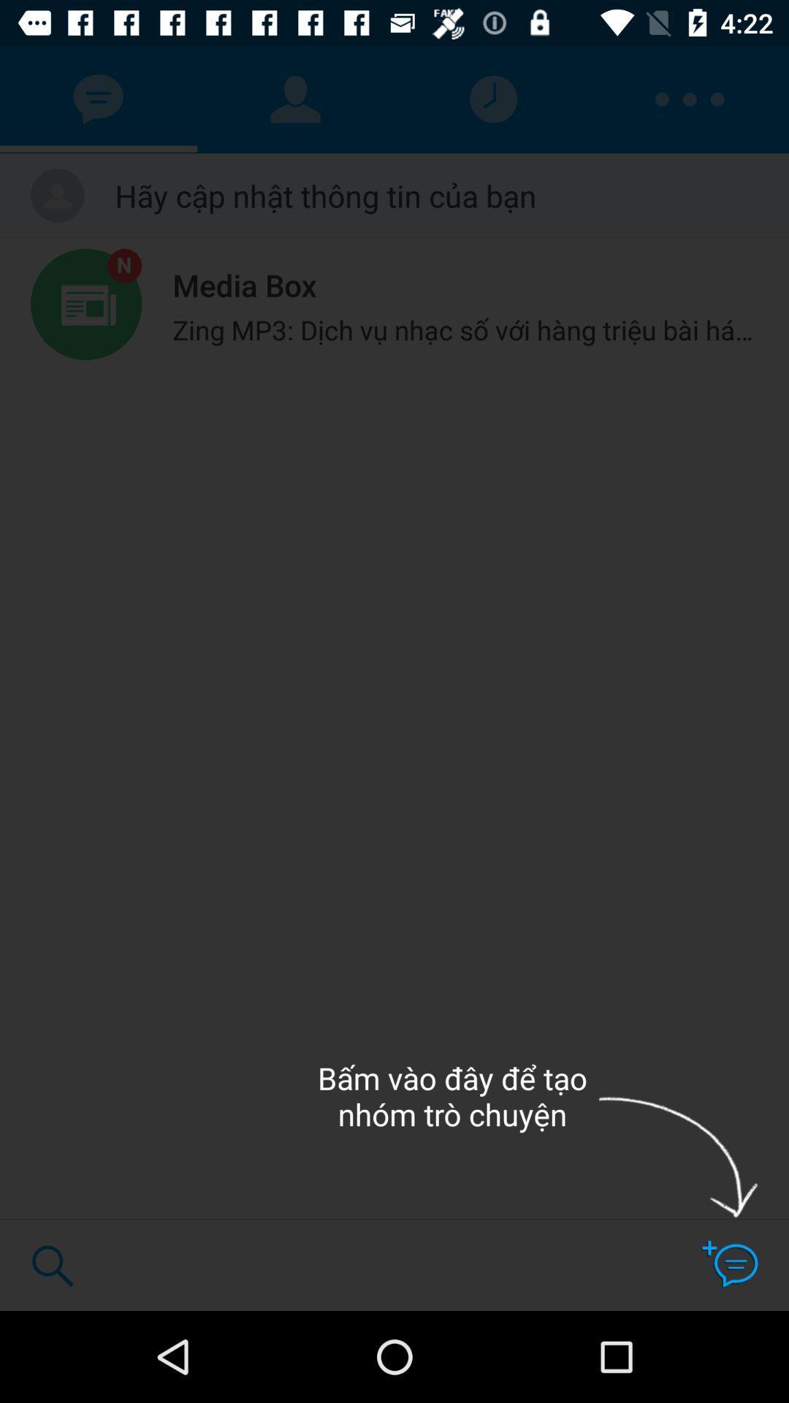 The image size is (789, 1403). I want to click on the search icon, so click(52, 1265).